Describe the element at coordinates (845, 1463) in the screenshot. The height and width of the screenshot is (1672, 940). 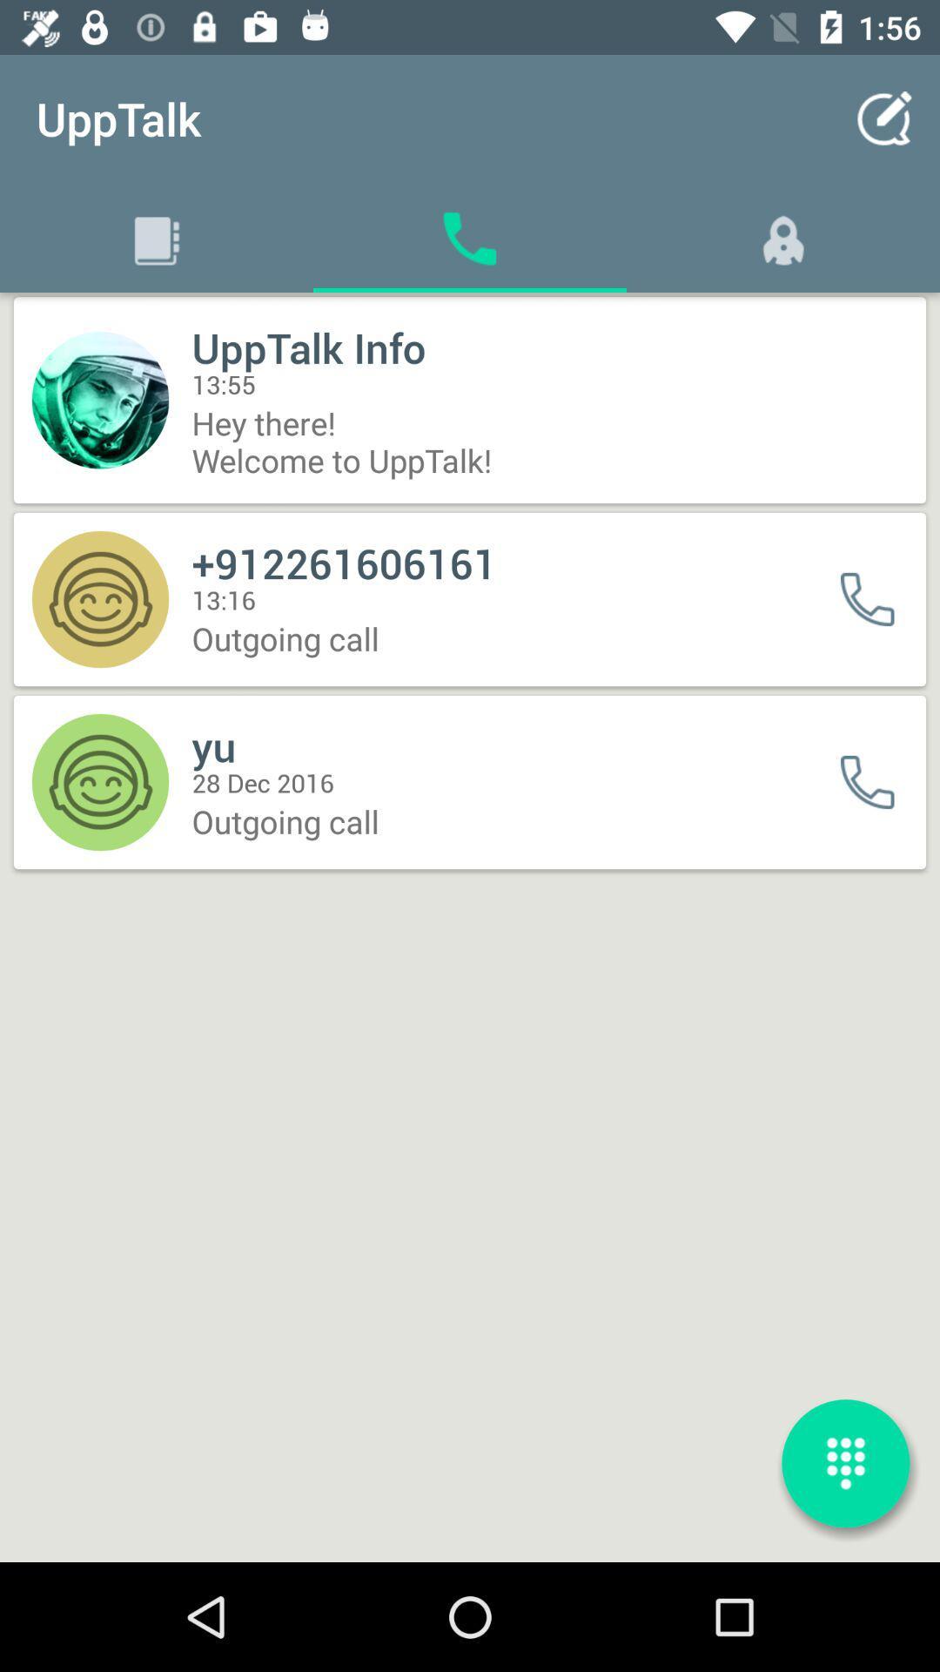
I see `open dial pad` at that location.